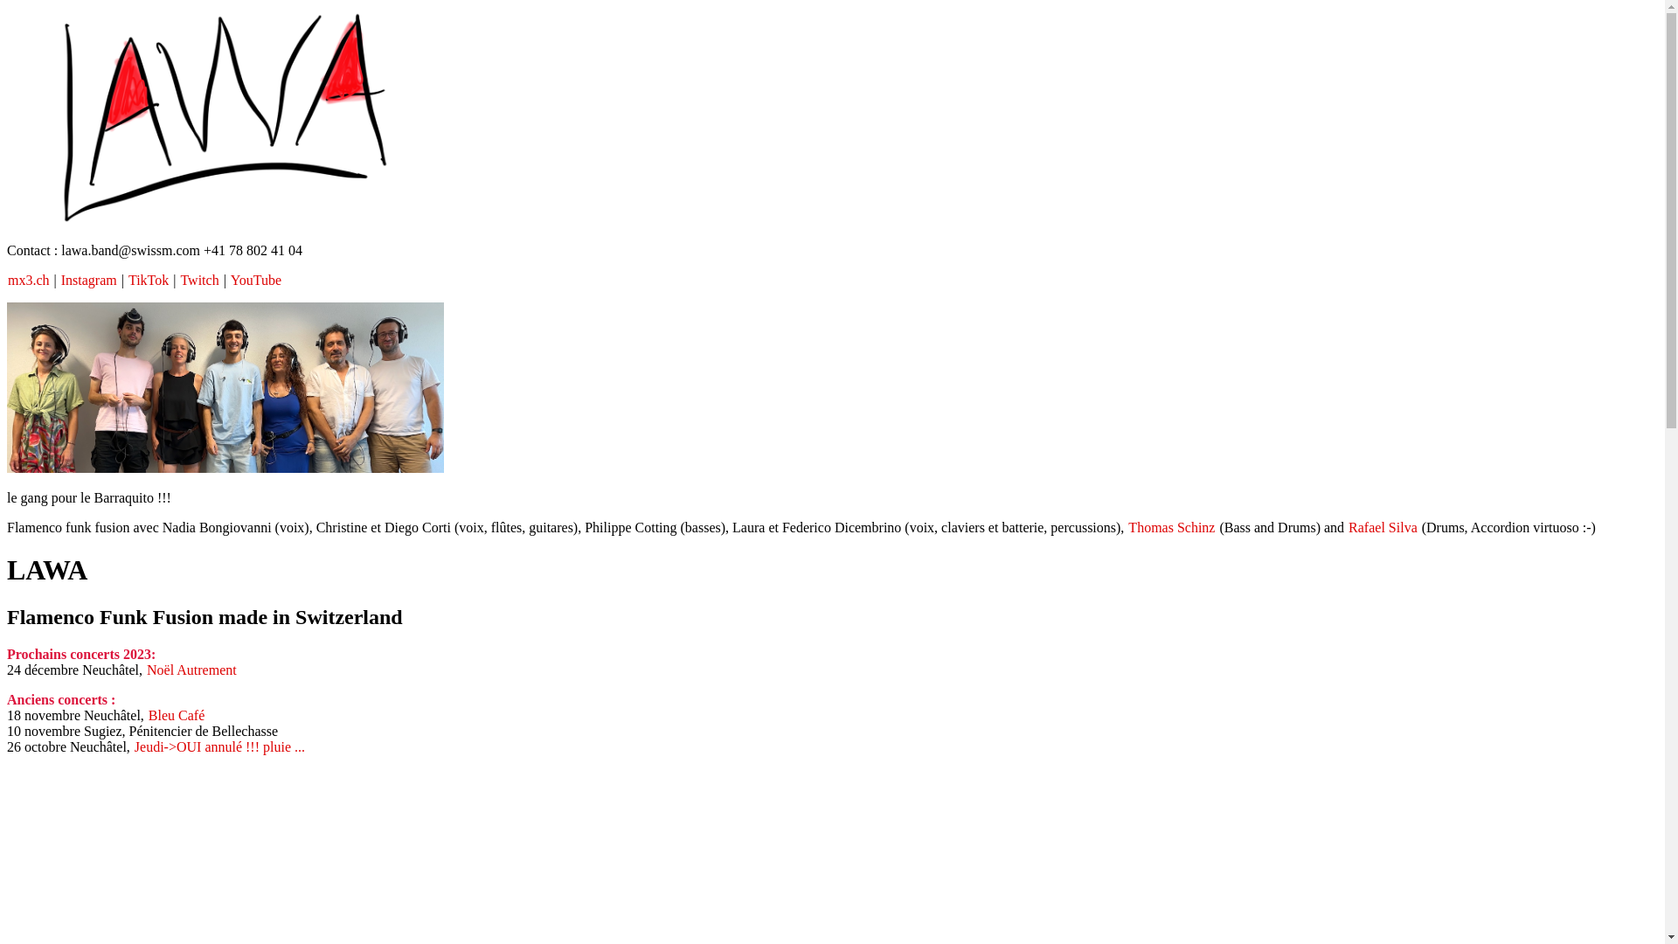 The width and height of the screenshot is (1678, 944). What do you see at coordinates (1382, 525) in the screenshot?
I see `'Rafael Silva'` at bounding box center [1382, 525].